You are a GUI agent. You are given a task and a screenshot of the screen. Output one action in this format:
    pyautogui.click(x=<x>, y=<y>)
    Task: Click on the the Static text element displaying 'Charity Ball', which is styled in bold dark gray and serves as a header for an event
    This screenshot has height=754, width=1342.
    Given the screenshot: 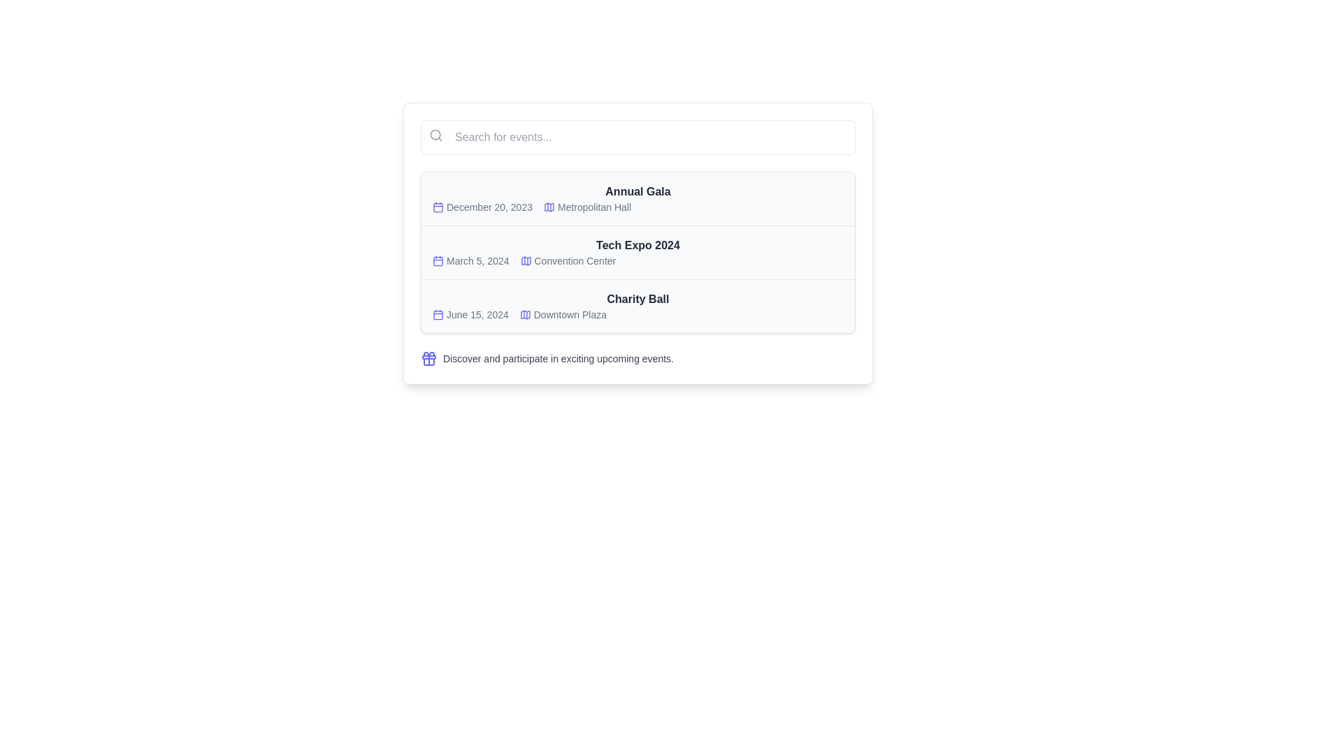 What is the action you would take?
    pyautogui.click(x=637, y=298)
    